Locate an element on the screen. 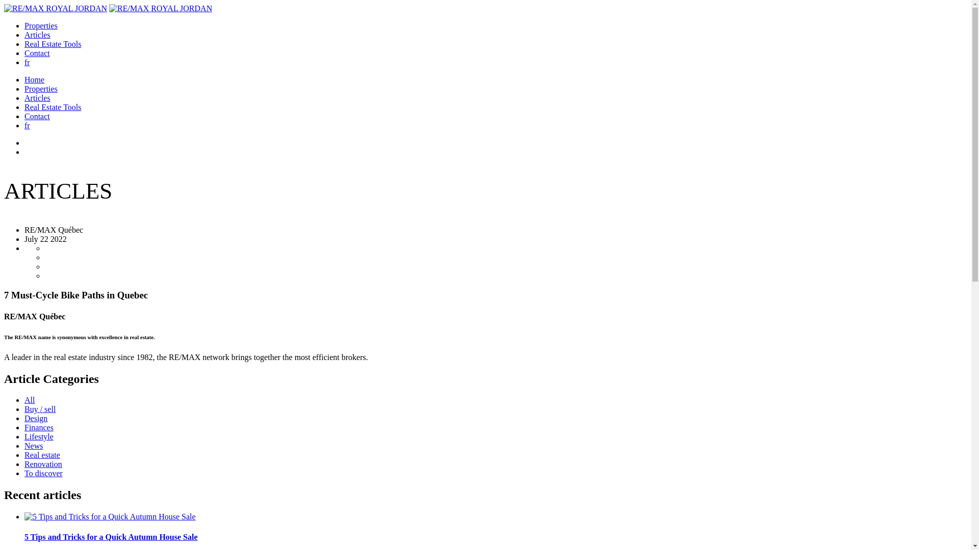 The image size is (979, 550). 'Articles' is located at coordinates (37, 98).